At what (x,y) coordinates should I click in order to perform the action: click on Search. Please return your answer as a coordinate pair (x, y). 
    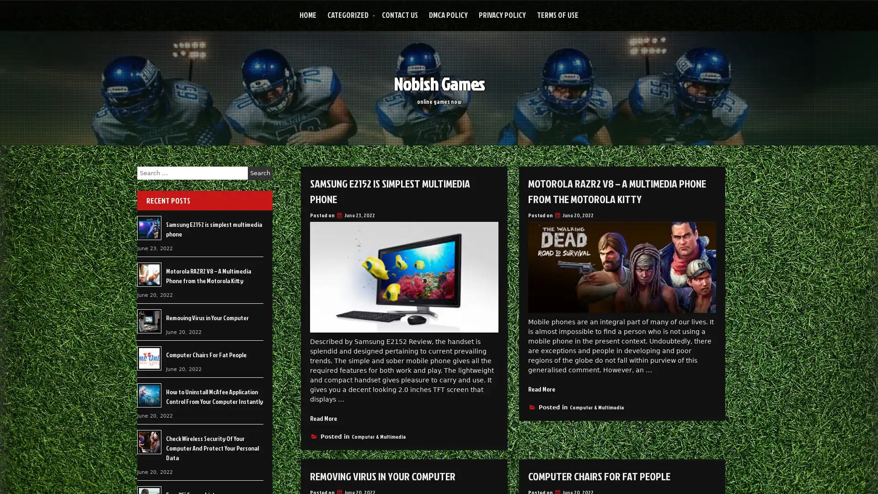
    Looking at the image, I should click on (260, 173).